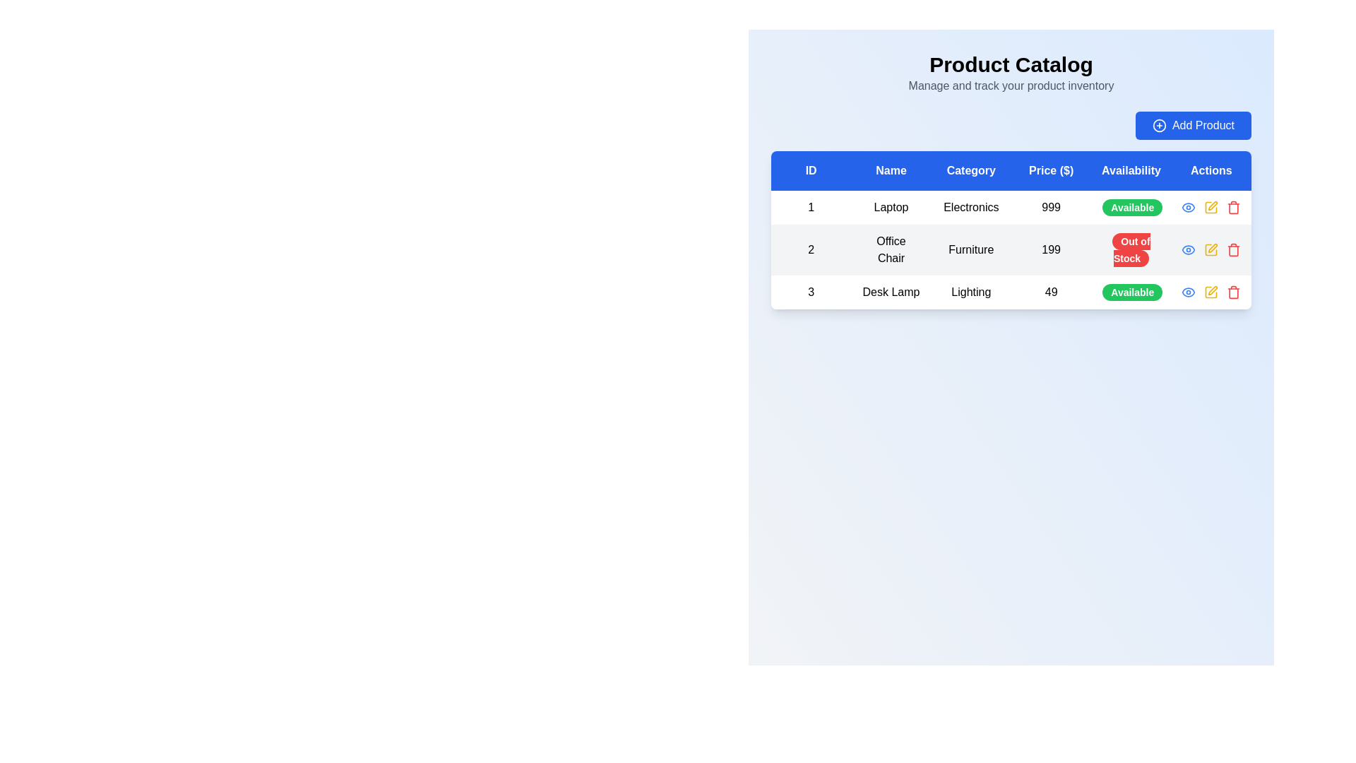 The image size is (1356, 763). What do you see at coordinates (1233, 250) in the screenshot?
I see `the trash can icon located in the Actions column of the second row corresponding to the Office Chair entry to initiate the delete functionality` at bounding box center [1233, 250].